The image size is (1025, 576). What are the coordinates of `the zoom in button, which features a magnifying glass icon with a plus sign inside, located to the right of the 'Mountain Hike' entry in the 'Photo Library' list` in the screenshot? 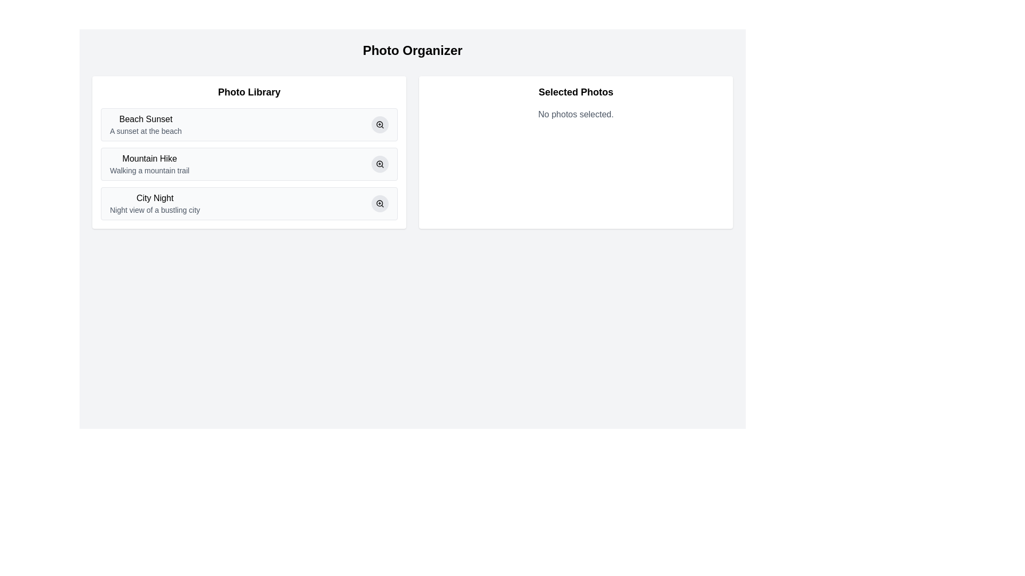 It's located at (380, 124).